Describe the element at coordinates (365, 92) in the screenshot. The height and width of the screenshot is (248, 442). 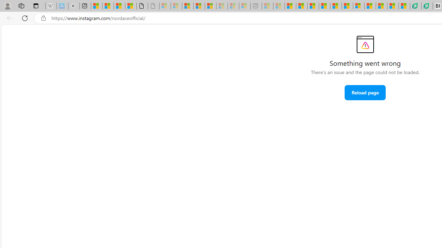
I see `'Reload page'` at that location.